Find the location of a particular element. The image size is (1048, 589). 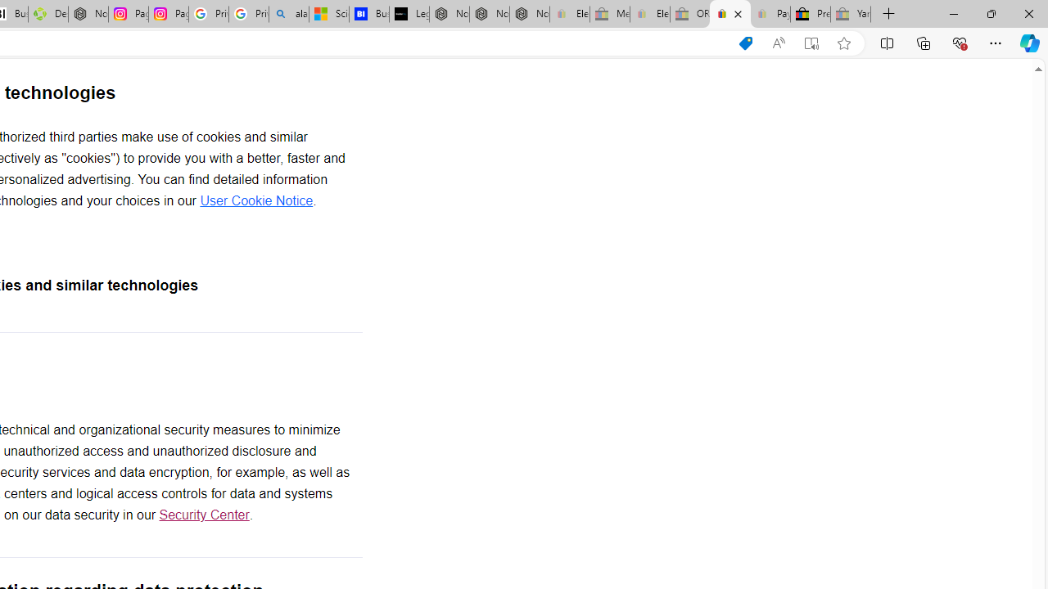

'User Cookie Notice' is located at coordinates (255, 200).